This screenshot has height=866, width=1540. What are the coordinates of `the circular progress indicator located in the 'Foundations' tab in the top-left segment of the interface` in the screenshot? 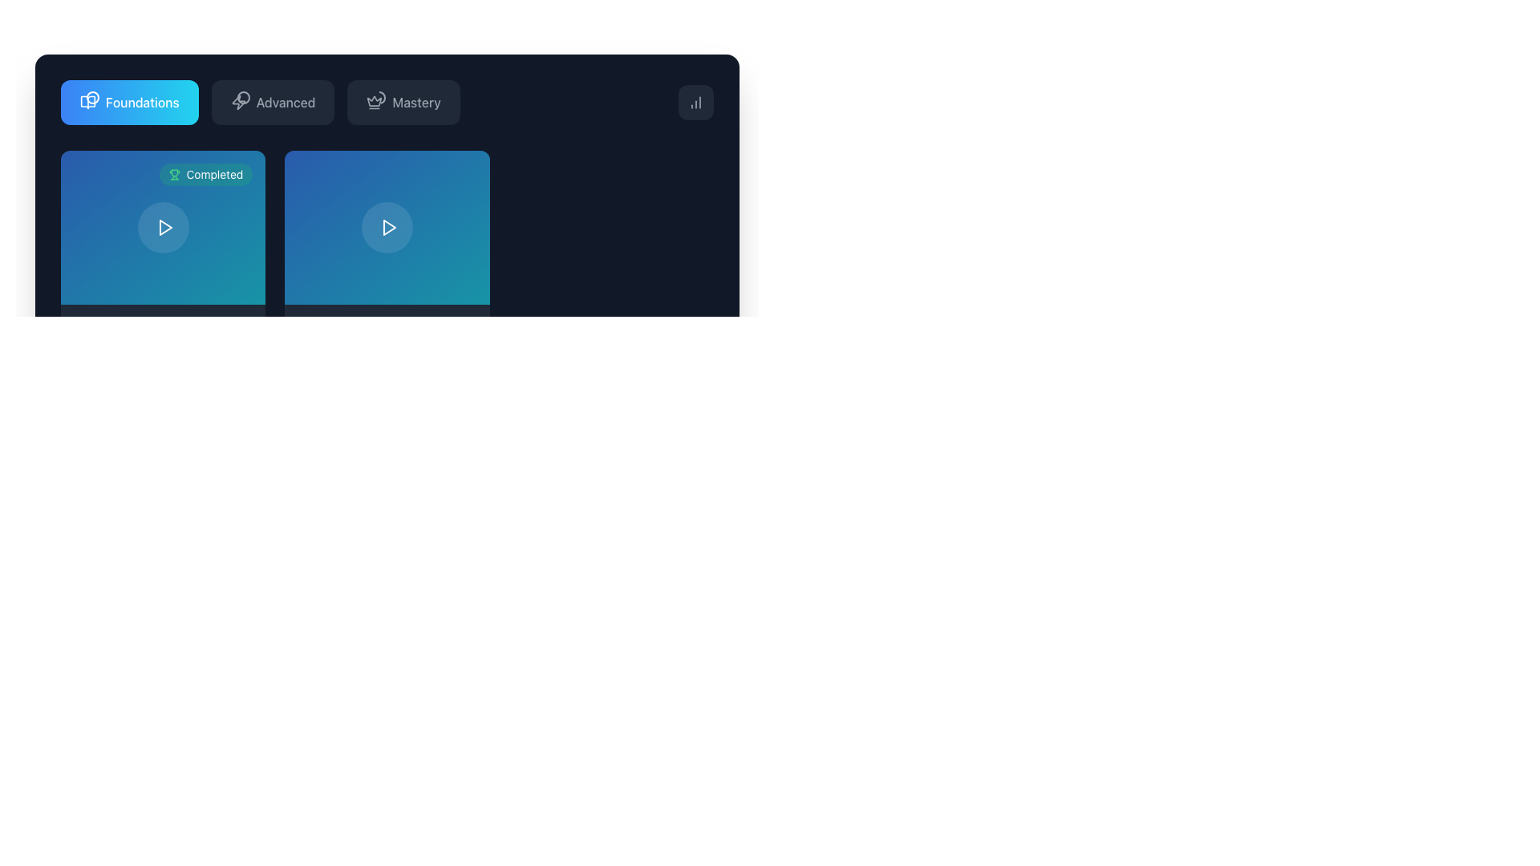 It's located at (91, 98).